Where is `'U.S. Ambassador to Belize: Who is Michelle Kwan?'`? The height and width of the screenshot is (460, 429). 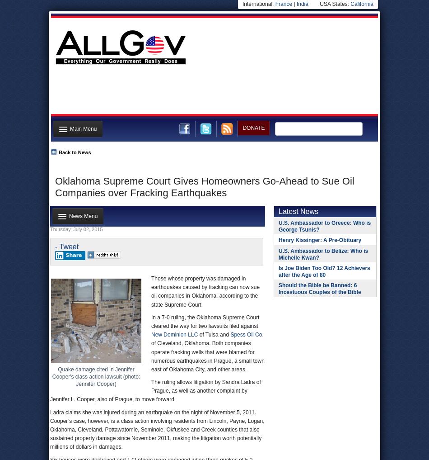
'U.S. Ambassador to Belize: Who is Michelle Kwan?' is located at coordinates (279, 254).